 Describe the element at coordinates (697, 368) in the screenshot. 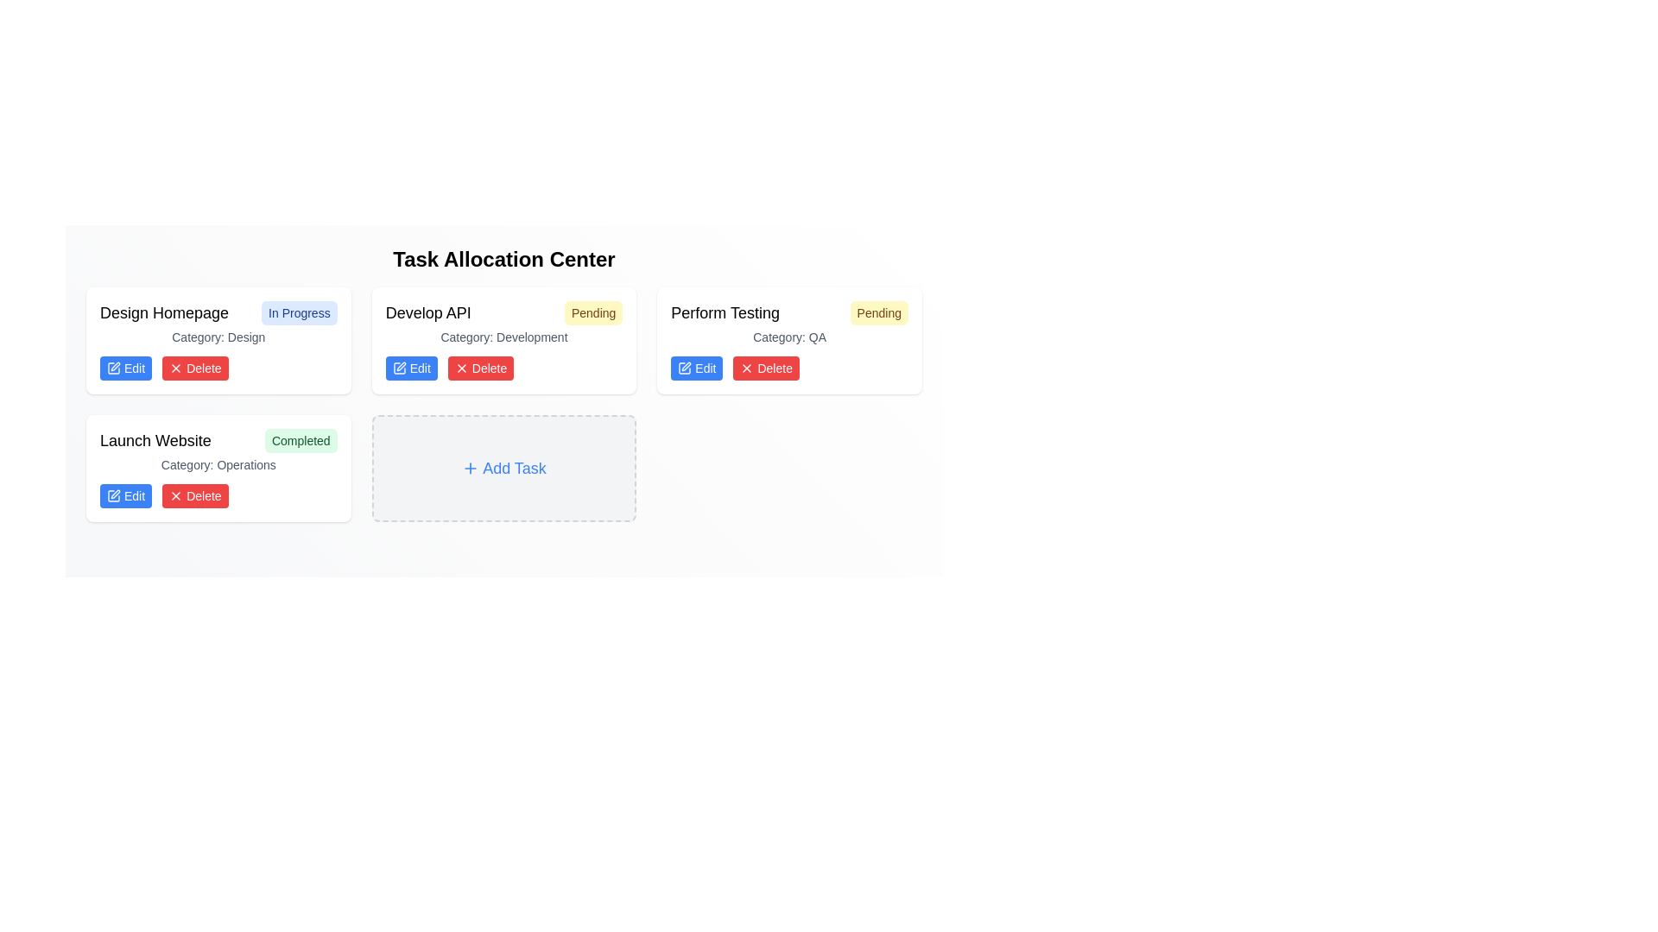

I see `the 'Edit' button, which is a rectangular button with a blue background and white text that reads 'Edit', located in a horizontal layout under the task card titled 'Develop API'` at that location.